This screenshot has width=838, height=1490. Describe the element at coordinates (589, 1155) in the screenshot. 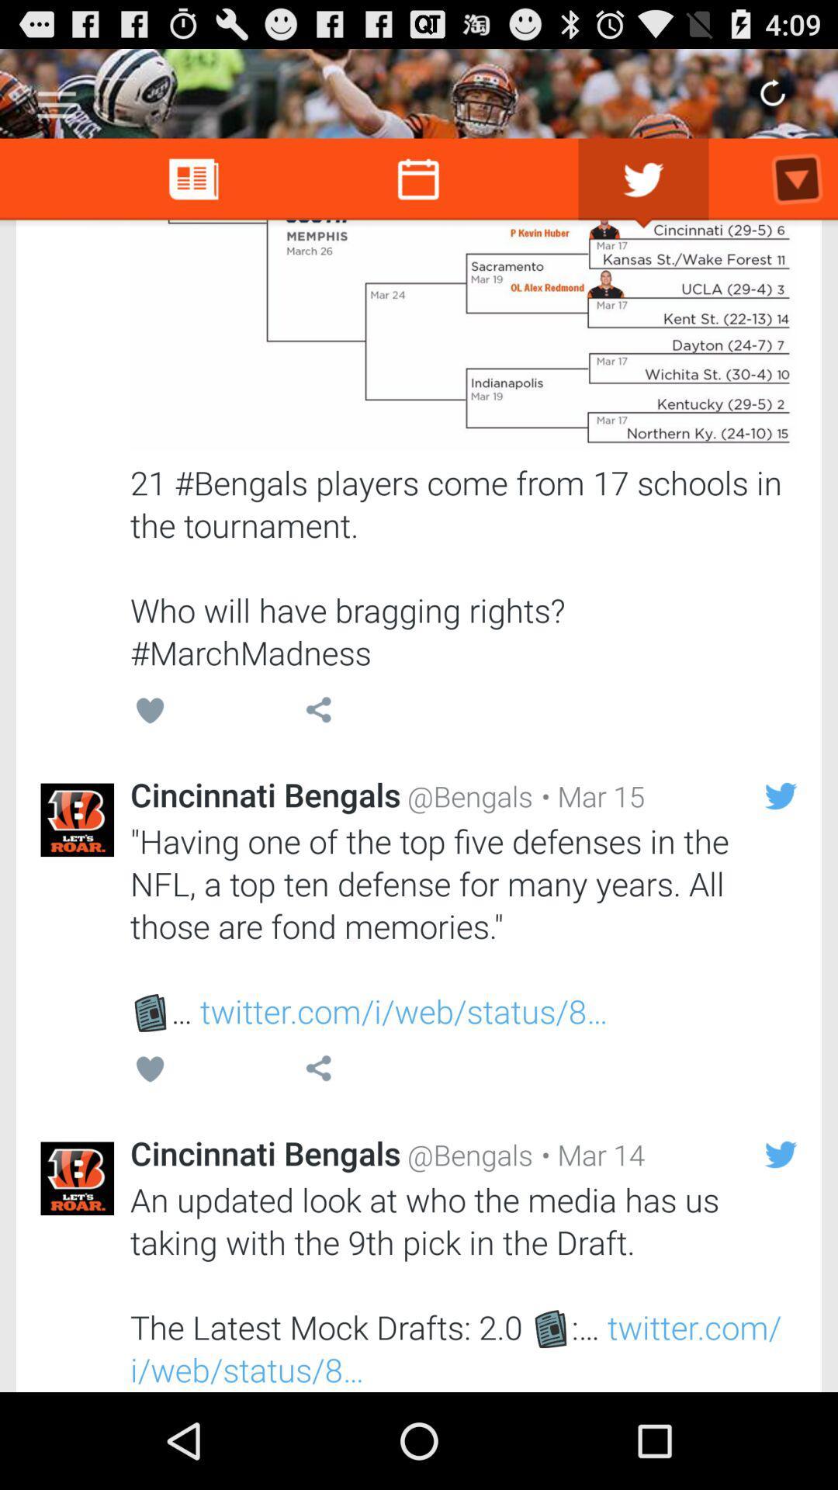

I see `icon below the having one of` at that location.